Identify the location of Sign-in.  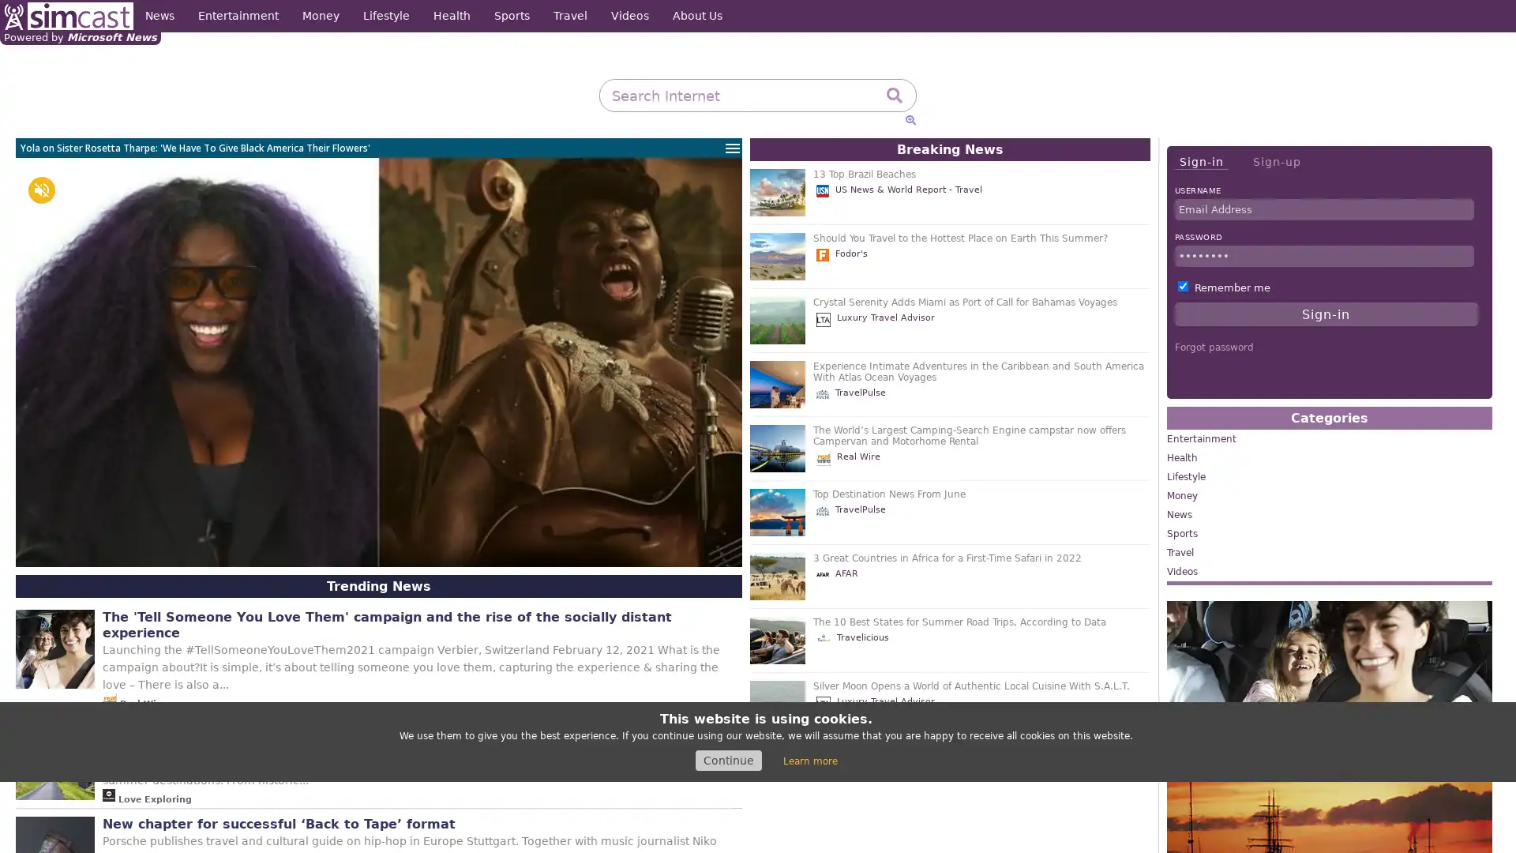
(1326, 314).